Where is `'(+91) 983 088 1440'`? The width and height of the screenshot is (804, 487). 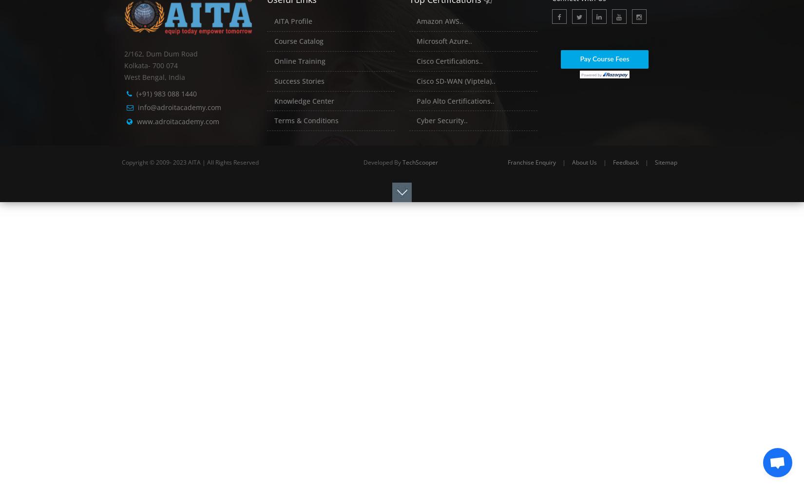 '(+91) 983 088 1440' is located at coordinates (167, 93).